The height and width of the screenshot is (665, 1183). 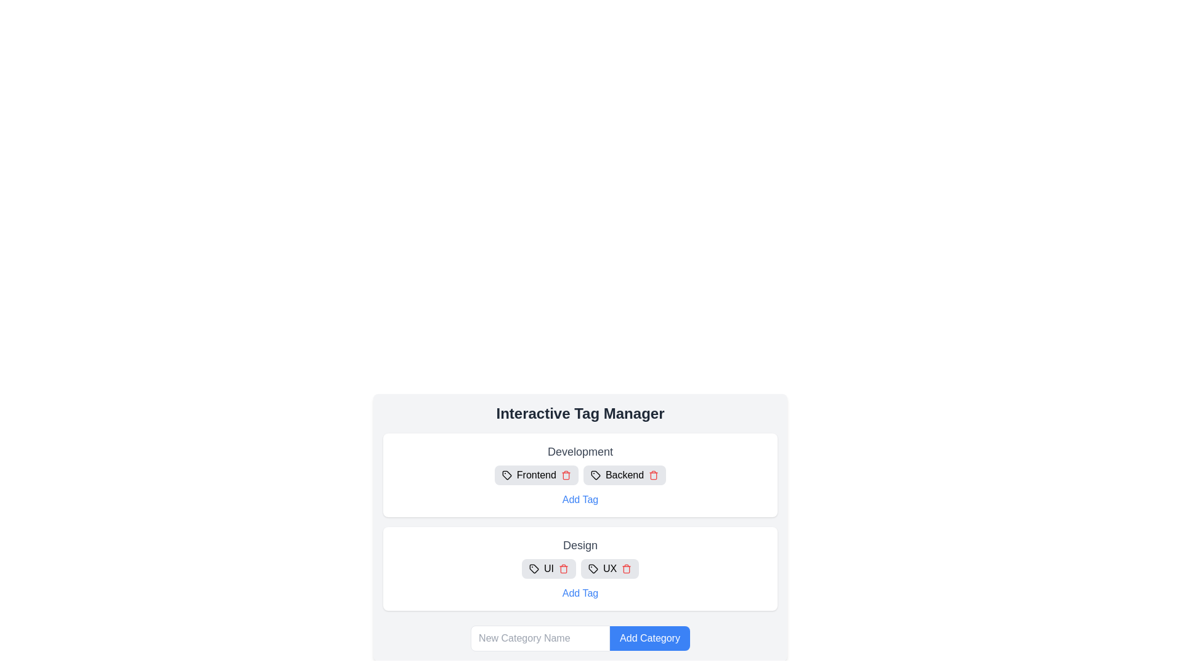 I want to click on the blue rectangular button labeled 'Add Category' located to the right of the 'New Category Name' input field, so click(x=649, y=638).